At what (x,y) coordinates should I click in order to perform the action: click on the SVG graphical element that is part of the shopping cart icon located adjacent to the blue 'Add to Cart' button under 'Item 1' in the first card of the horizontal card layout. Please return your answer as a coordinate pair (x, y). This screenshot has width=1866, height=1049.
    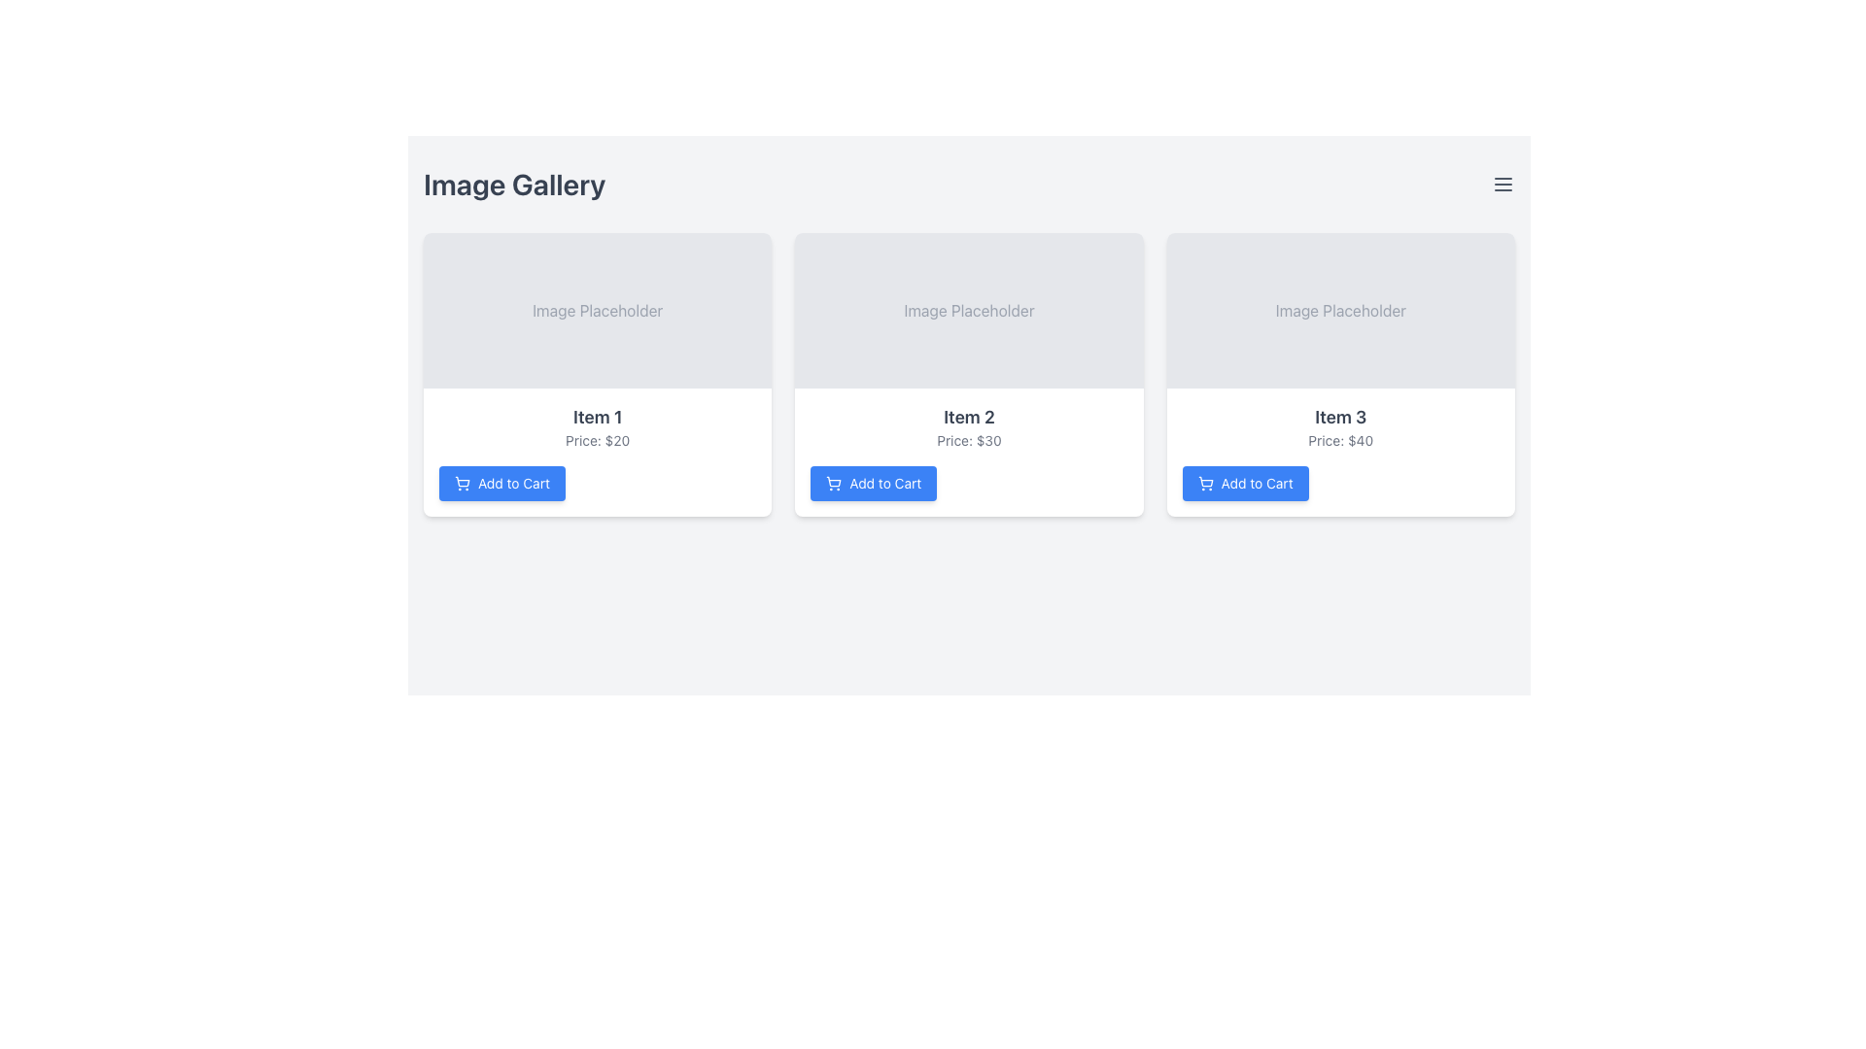
    Looking at the image, I should click on (461, 481).